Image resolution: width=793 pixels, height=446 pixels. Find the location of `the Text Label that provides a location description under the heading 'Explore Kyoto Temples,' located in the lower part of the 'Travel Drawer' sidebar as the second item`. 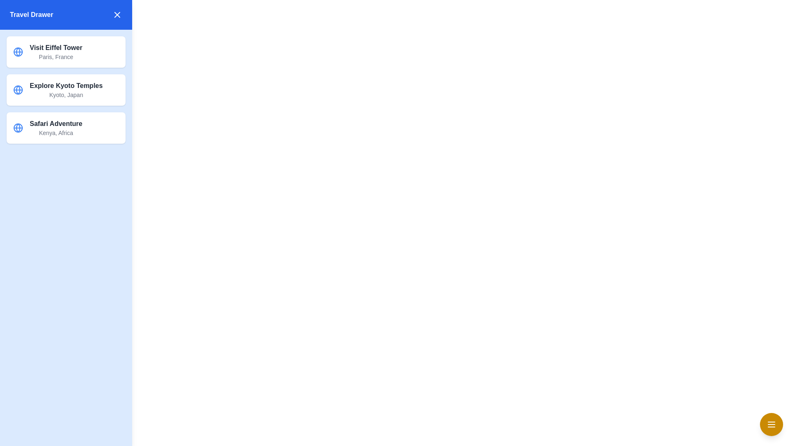

the Text Label that provides a location description under the heading 'Explore Kyoto Temples,' located in the lower part of the 'Travel Drawer' sidebar as the second item is located at coordinates (66, 95).